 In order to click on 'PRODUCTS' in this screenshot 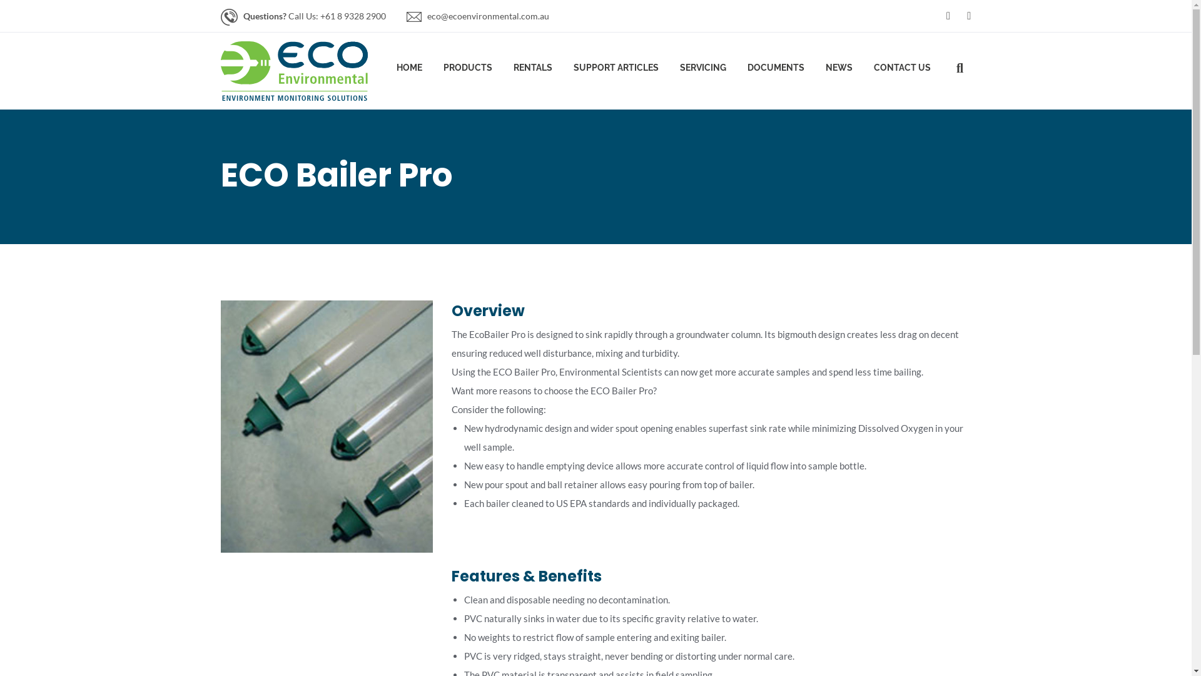, I will do `click(443, 71)`.